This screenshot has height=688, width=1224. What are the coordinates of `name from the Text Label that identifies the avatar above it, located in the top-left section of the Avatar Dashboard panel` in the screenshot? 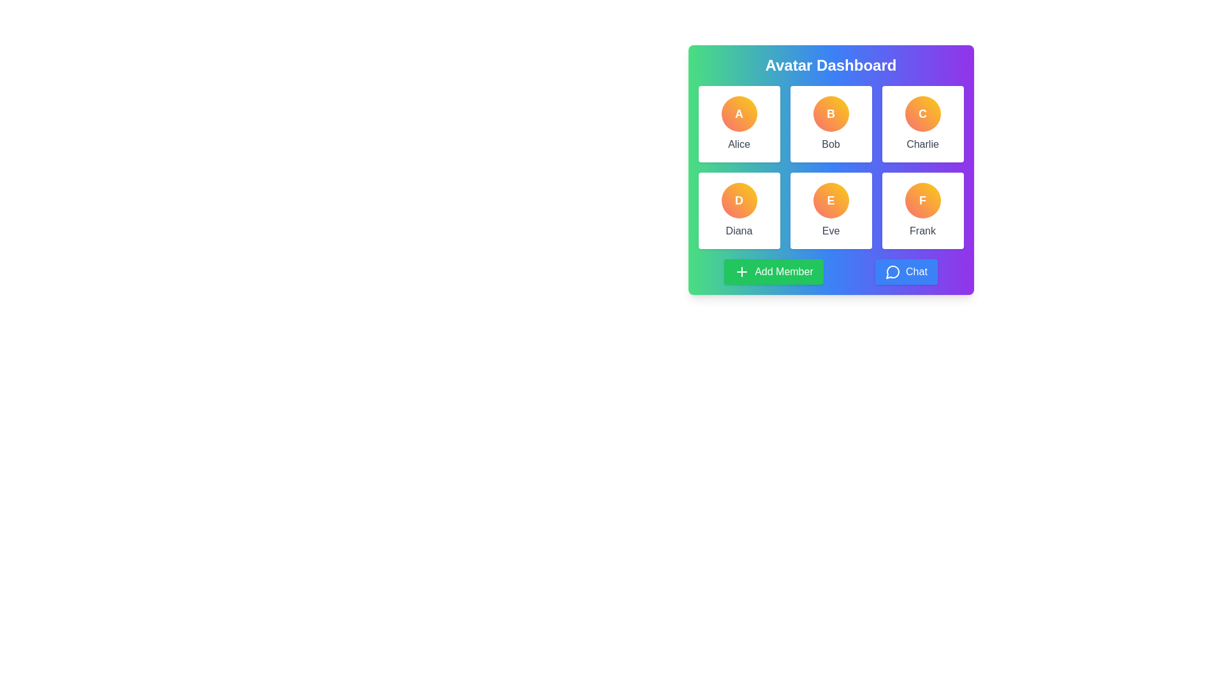 It's located at (739, 144).